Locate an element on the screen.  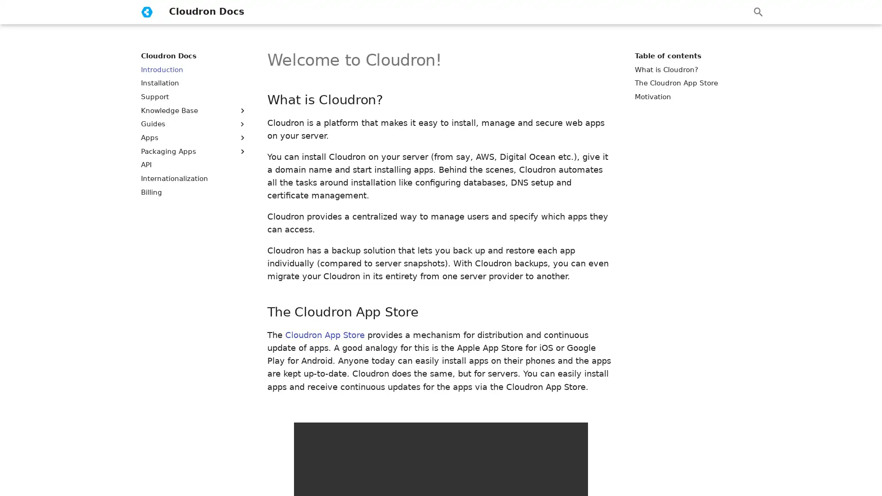
Clear is located at coordinates (736, 12).